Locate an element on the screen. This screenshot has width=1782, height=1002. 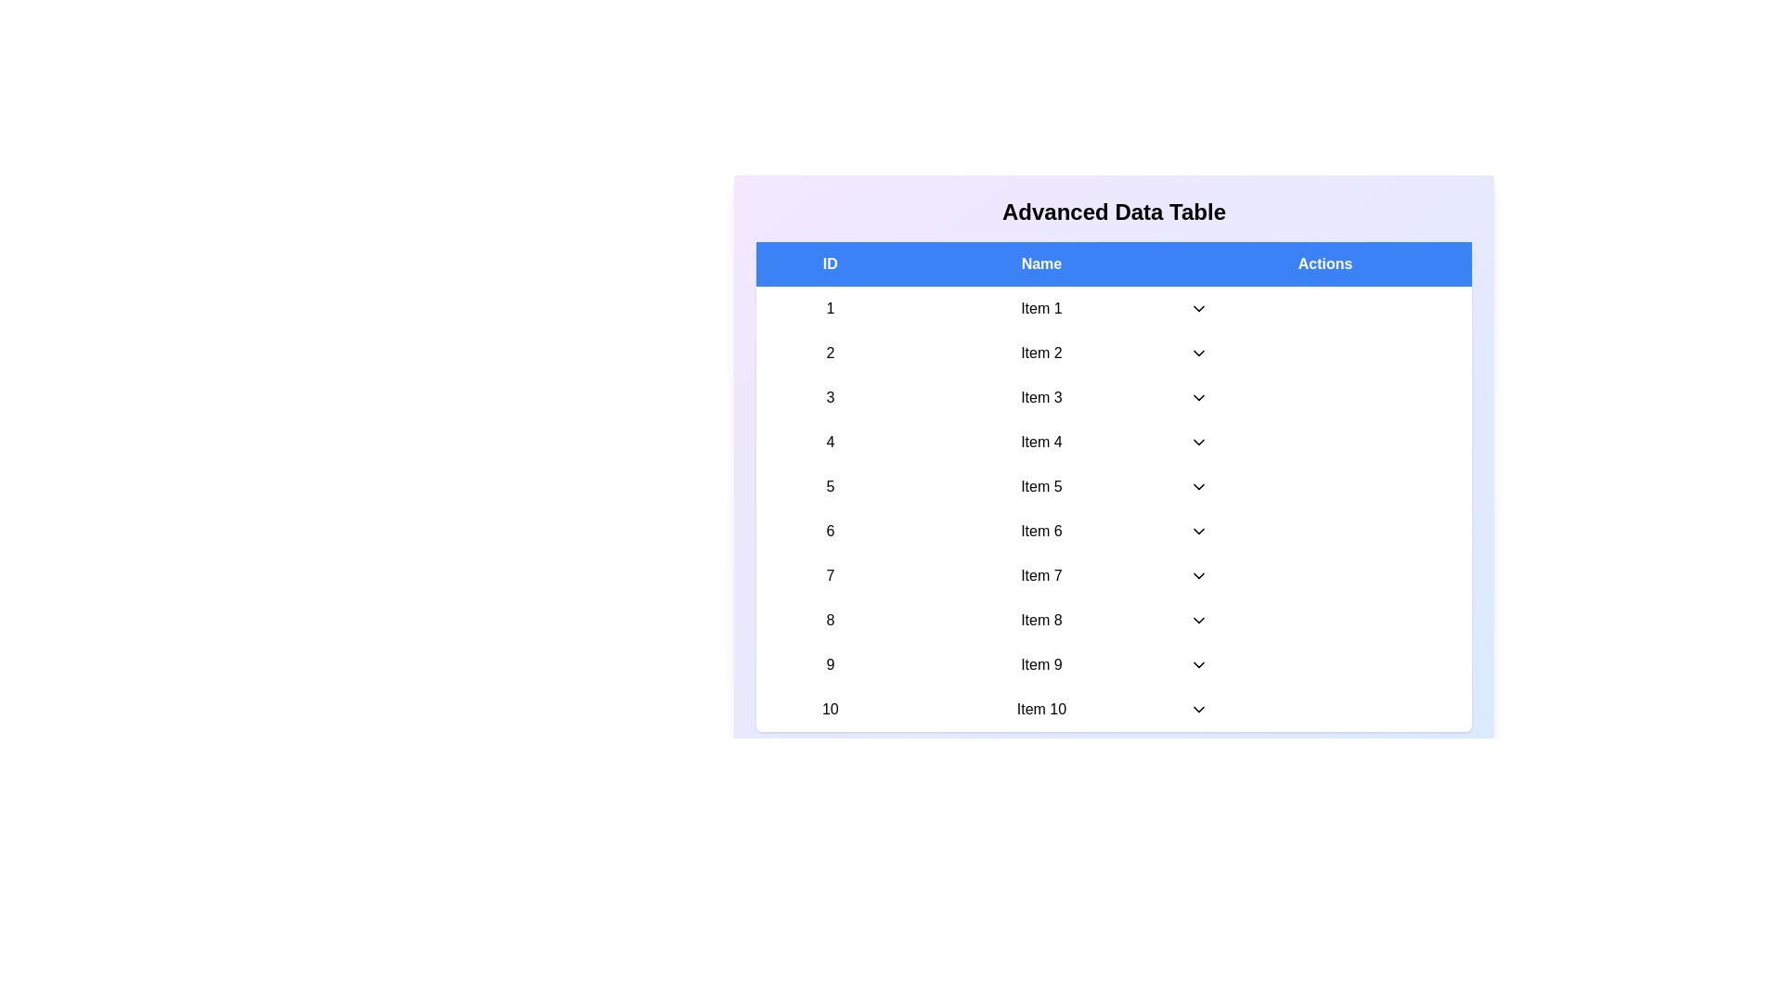
the header Actions in the table is located at coordinates (1324, 264).